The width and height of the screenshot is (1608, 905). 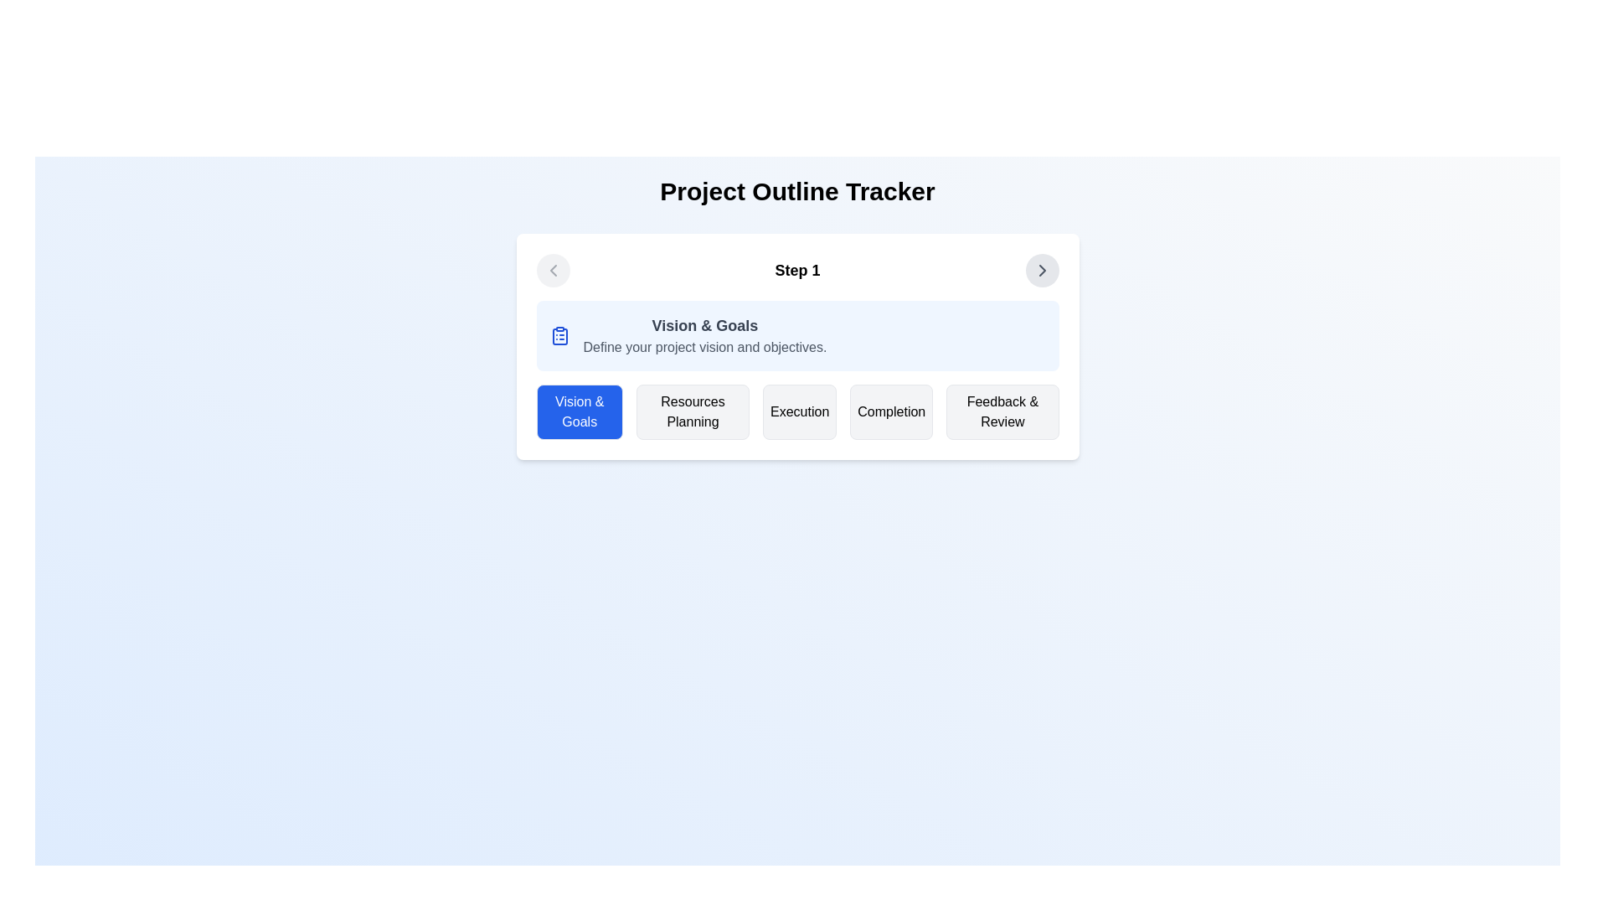 What do you see at coordinates (1002, 412) in the screenshot?
I see `the fifth button in a horizontal sequence, located at the far right` at bounding box center [1002, 412].